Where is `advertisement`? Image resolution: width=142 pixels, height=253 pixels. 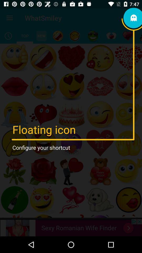
advertisement is located at coordinates (71, 227).